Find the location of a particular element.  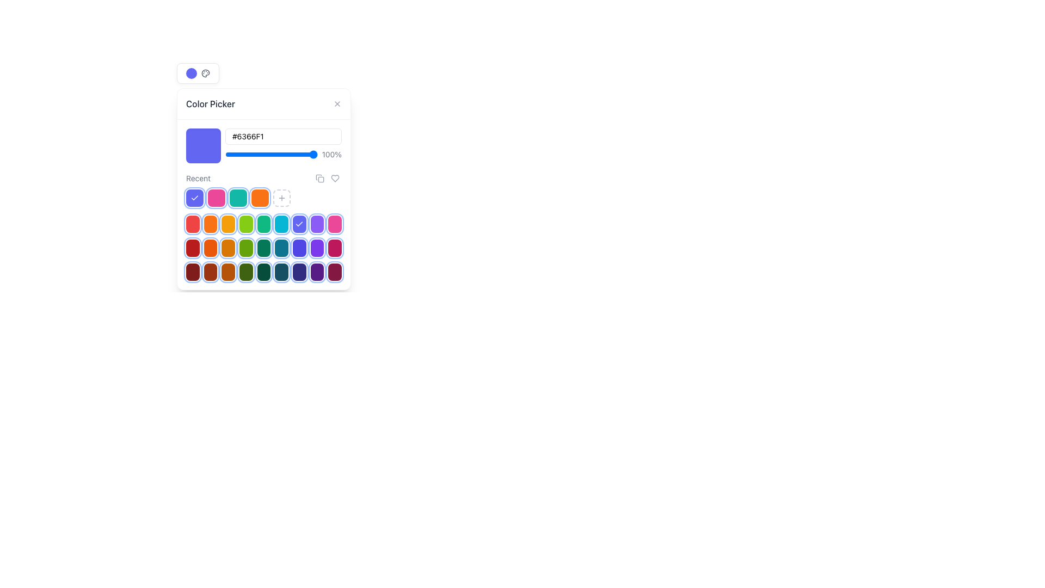

the green button with rounded edges that is the fifth in a horizontal arrangement within the color picker interface is located at coordinates (263, 224).